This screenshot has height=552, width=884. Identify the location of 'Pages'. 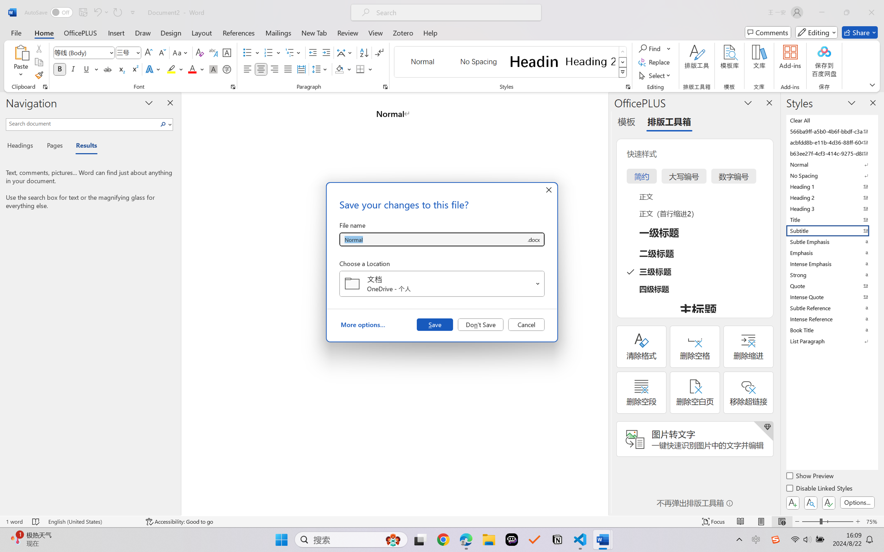
(54, 146).